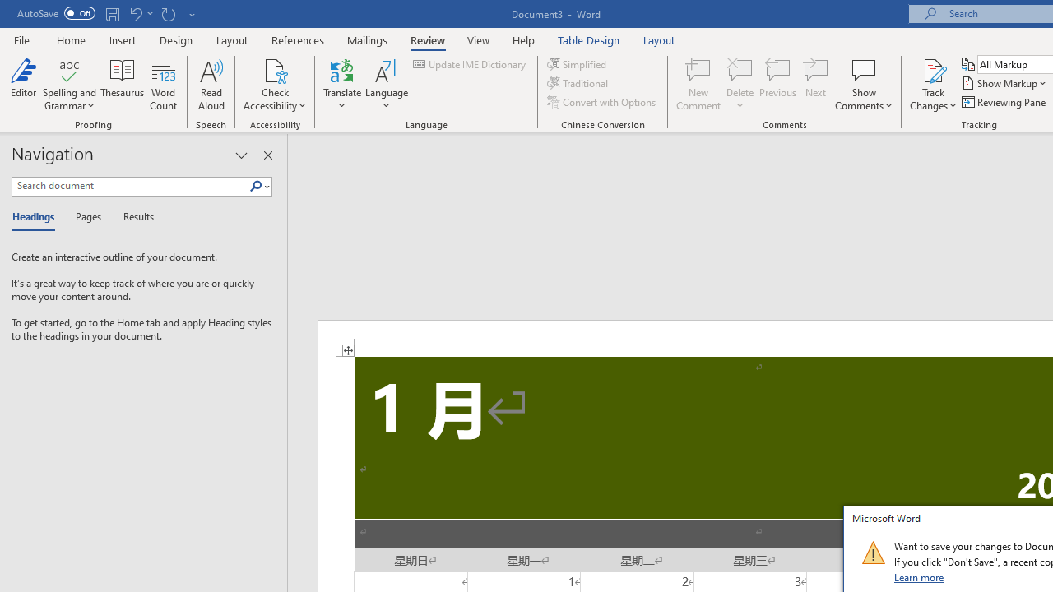  What do you see at coordinates (69, 85) in the screenshot?
I see `'Spelling and Grammar'` at bounding box center [69, 85].